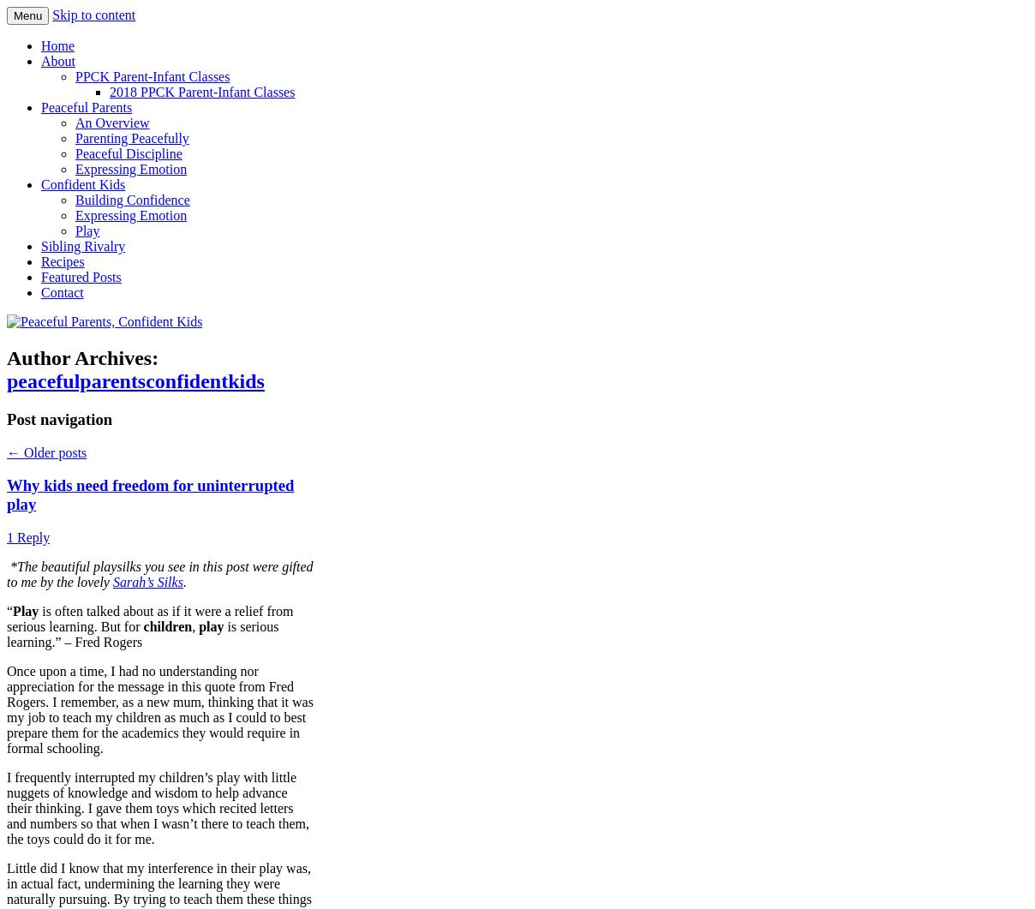 The height and width of the screenshot is (909, 1035). Describe the element at coordinates (150, 618) in the screenshot. I see `'is often talked about as if it were a relief from serious learning. But for'` at that location.